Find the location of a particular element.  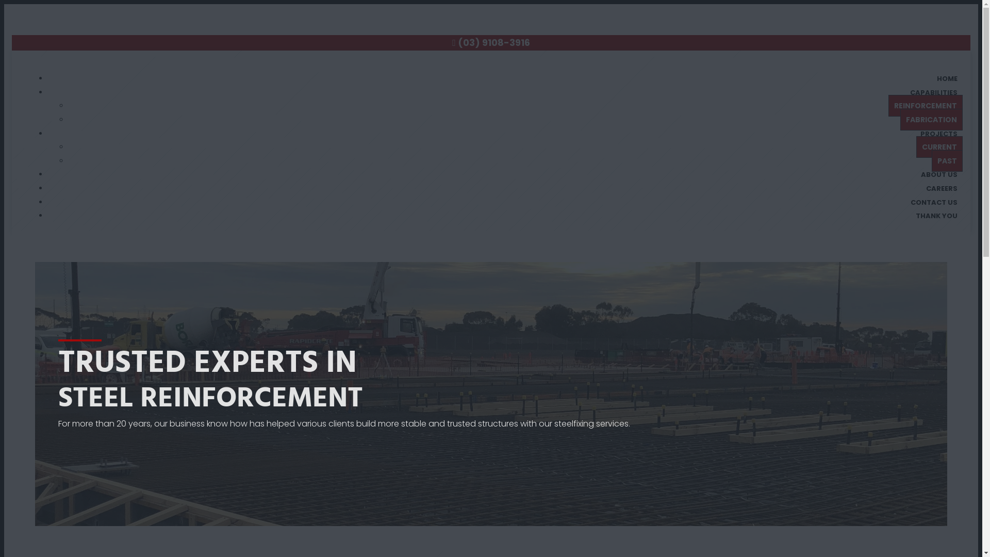

'CURRENT' is located at coordinates (939, 147).